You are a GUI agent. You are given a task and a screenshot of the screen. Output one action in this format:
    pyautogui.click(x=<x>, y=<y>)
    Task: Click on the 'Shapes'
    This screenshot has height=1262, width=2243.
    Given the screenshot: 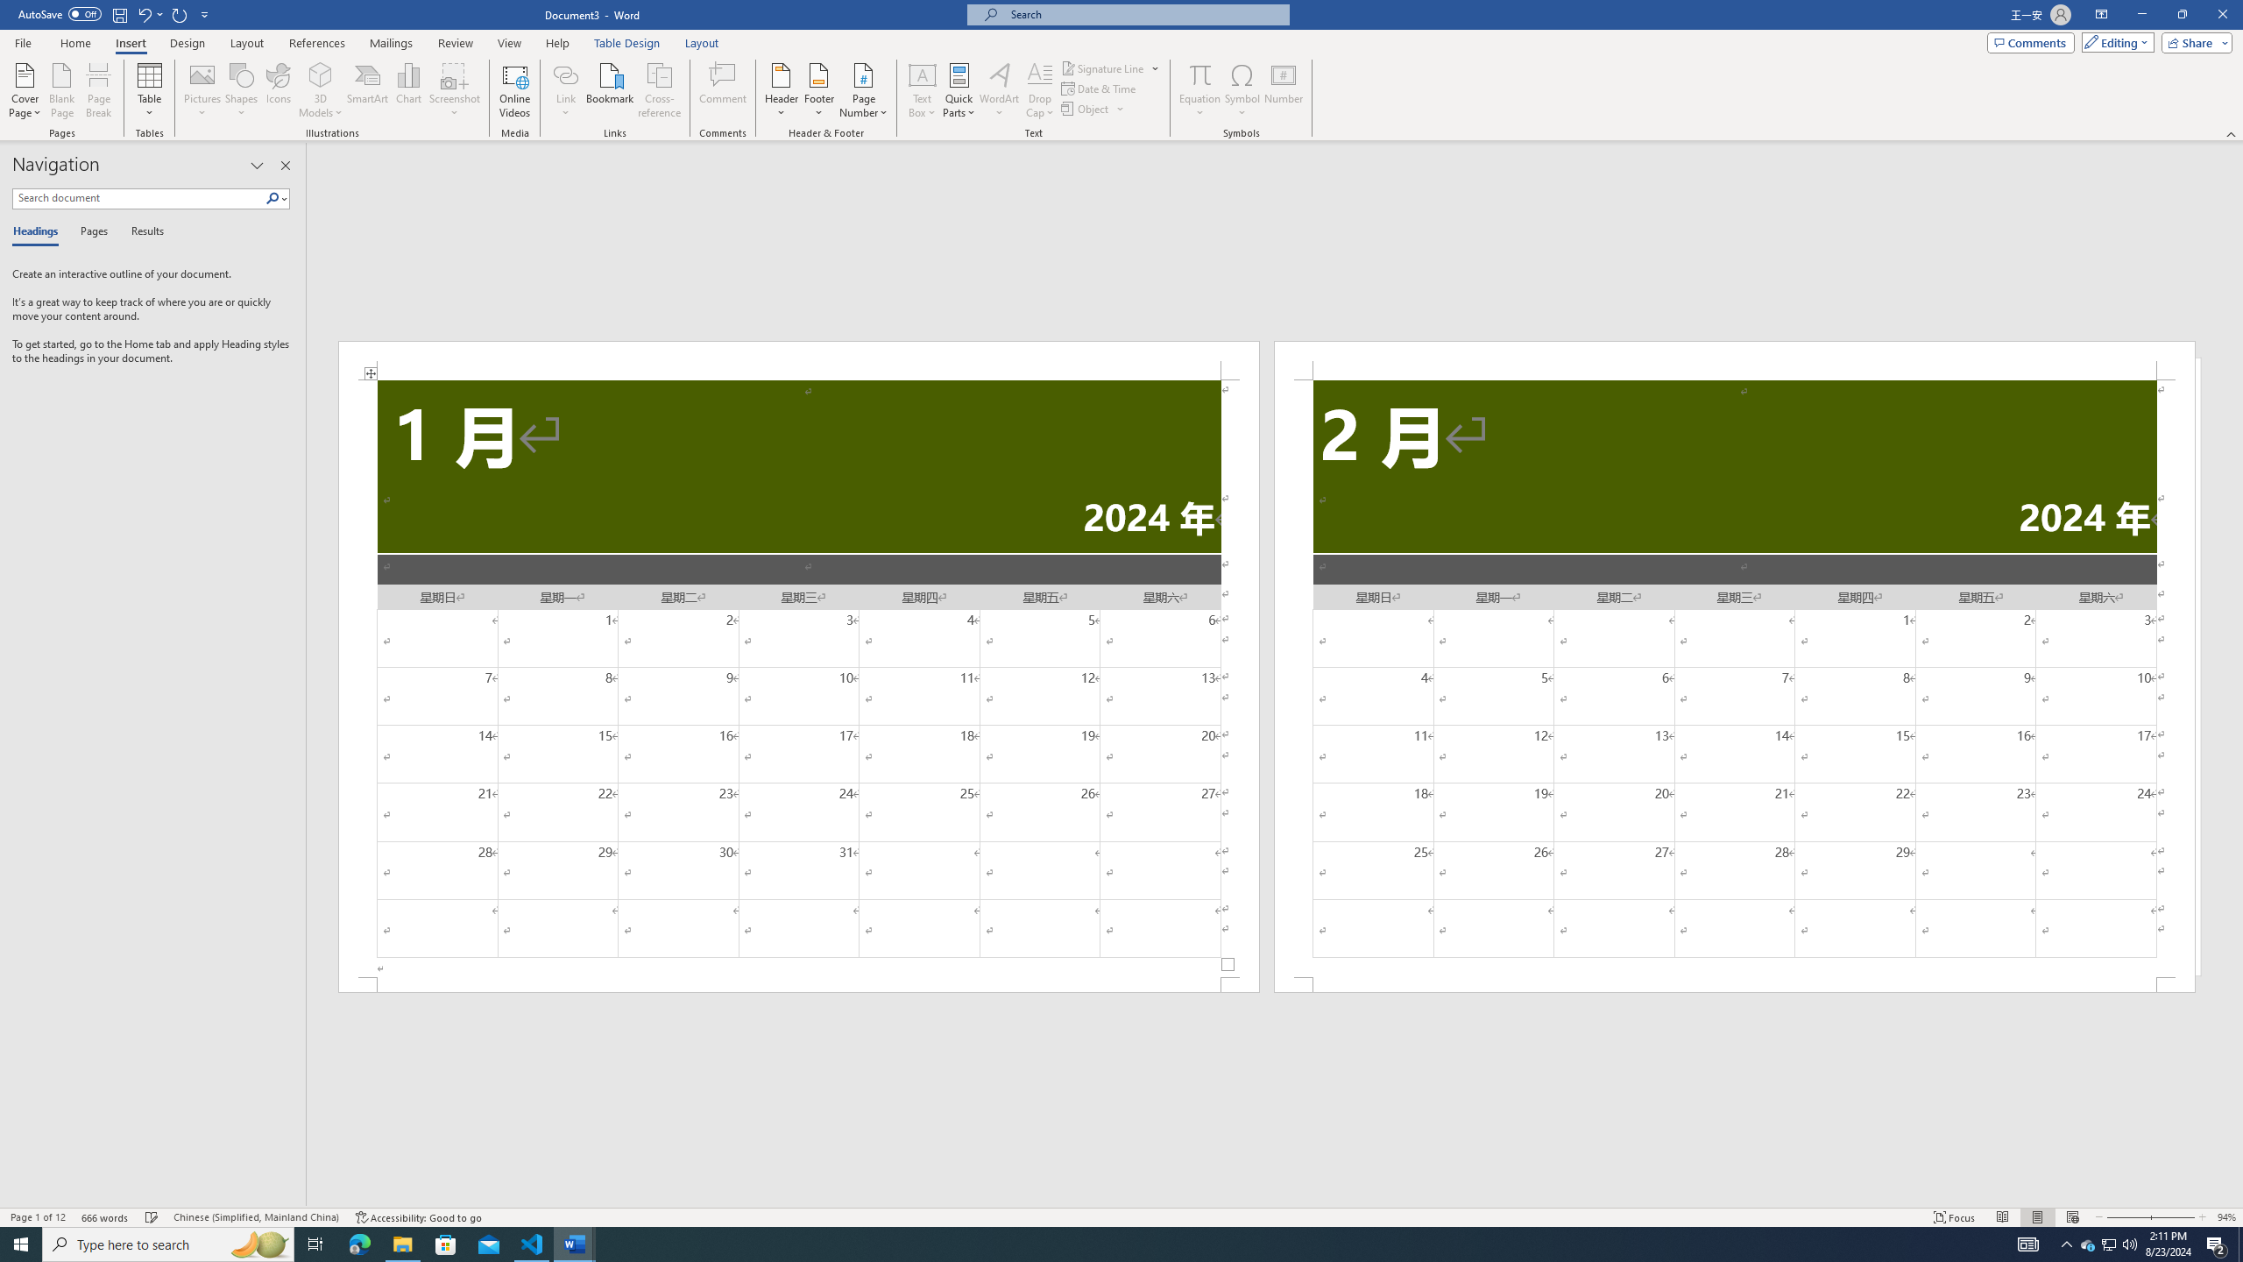 What is the action you would take?
    pyautogui.click(x=242, y=90)
    